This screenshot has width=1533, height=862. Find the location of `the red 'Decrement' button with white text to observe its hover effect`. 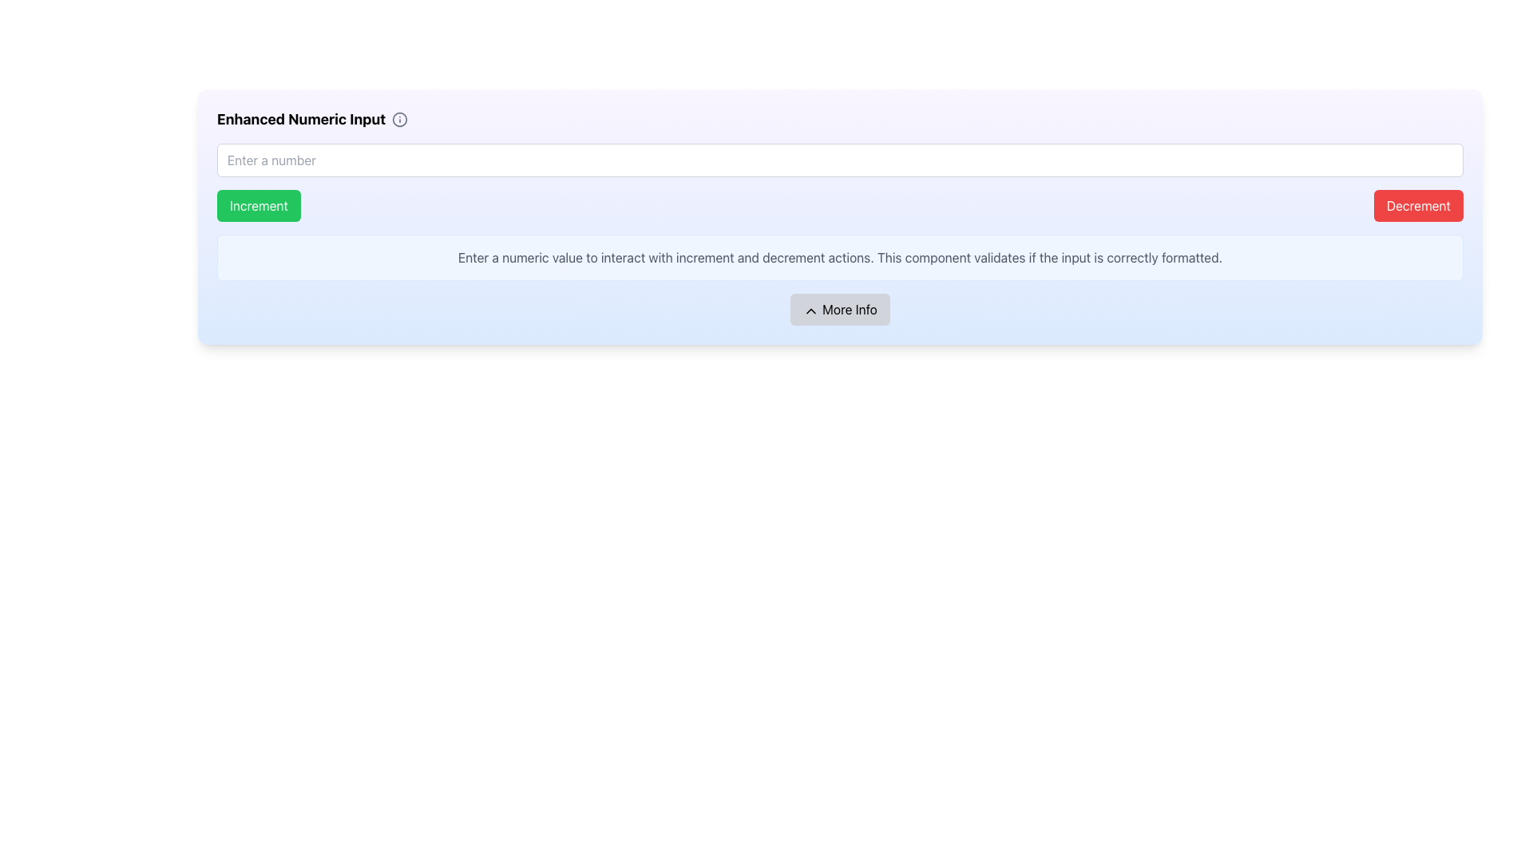

the red 'Decrement' button with white text to observe its hover effect is located at coordinates (1418, 205).